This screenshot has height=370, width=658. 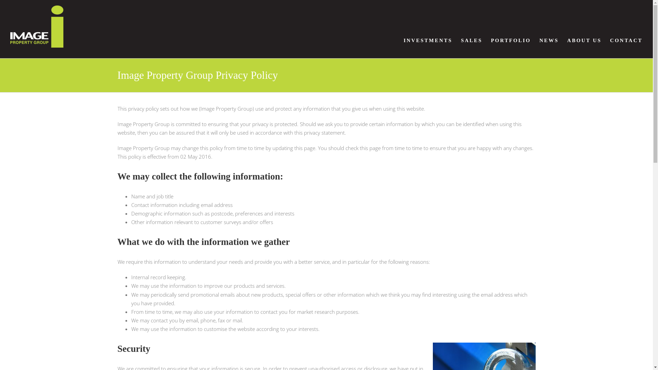 What do you see at coordinates (427, 40) in the screenshot?
I see `'INVESTMENTS'` at bounding box center [427, 40].